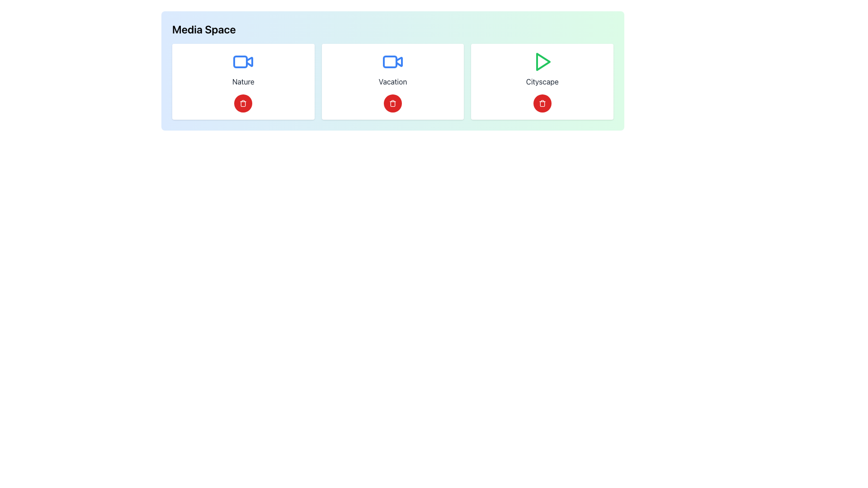  I want to click on the play icon located in the rightmost white-bordered box labeled 'Cityscape', so click(542, 61).